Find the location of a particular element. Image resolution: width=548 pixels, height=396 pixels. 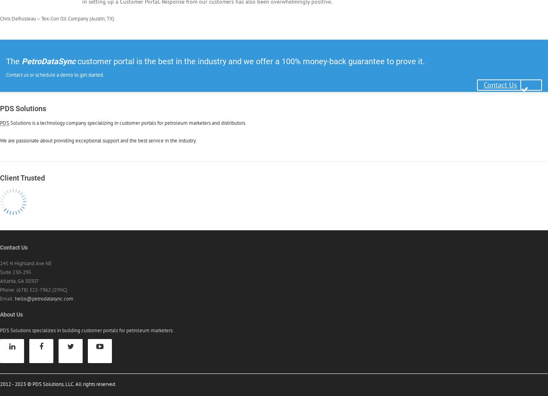

'Solutions is a technology company specializing in customer portals for petroleum marketers and distributors.' is located at coordinates (128, 122).